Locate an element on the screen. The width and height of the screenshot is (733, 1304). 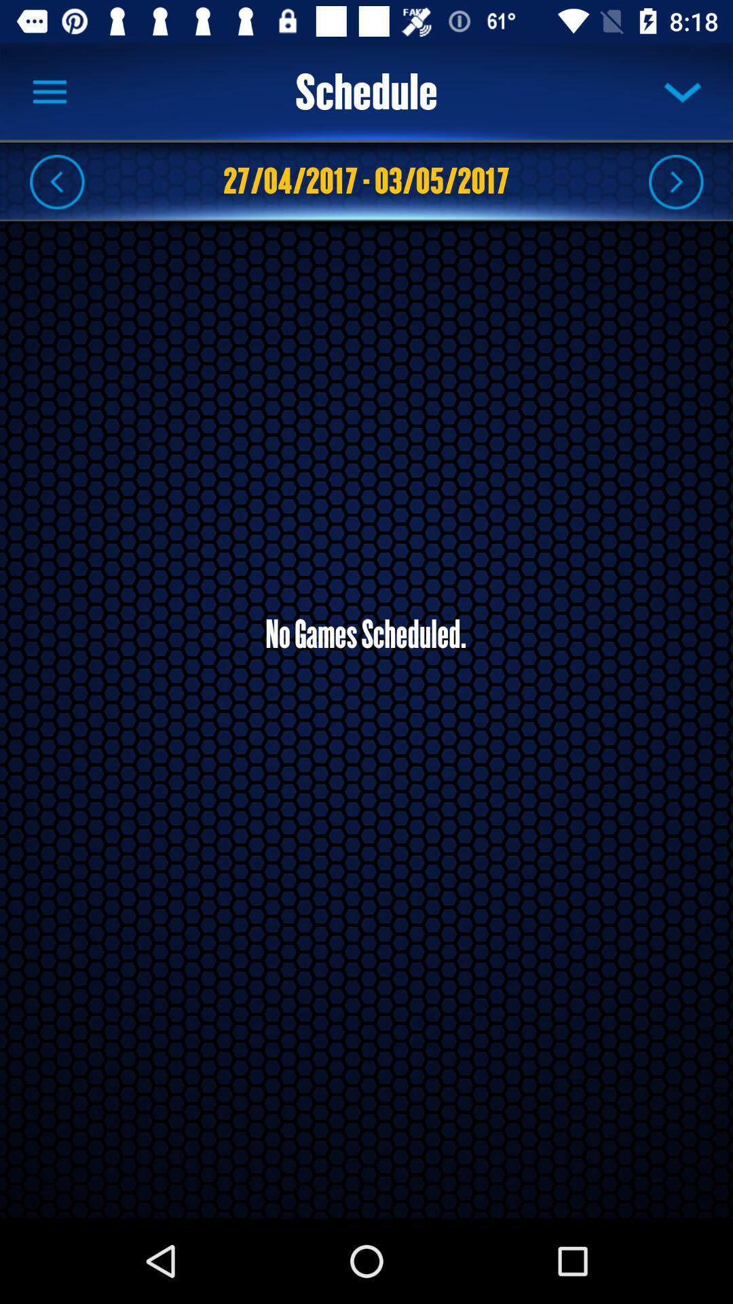
fair ward is located at coordinates (675, 181).